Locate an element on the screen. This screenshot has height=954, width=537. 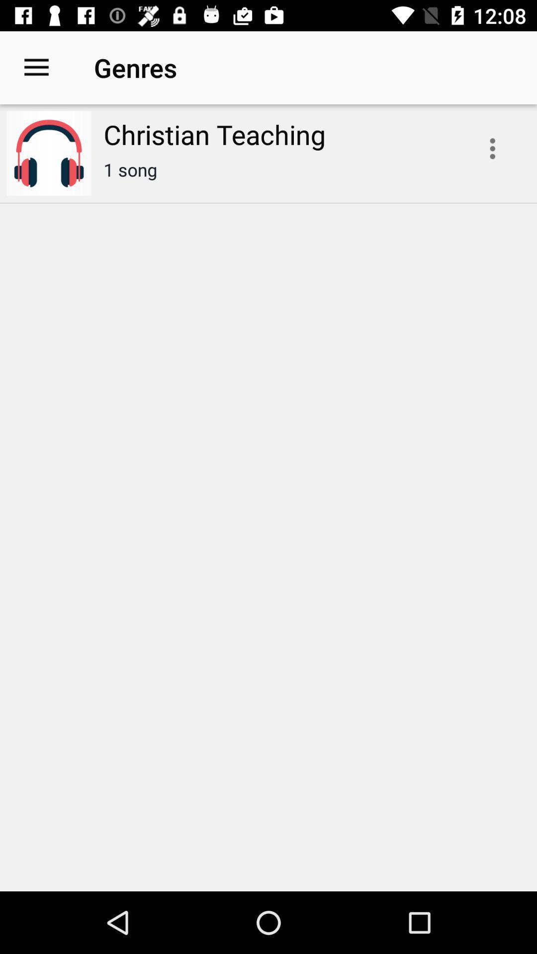
playlist options is located at coordinates (492, 148).